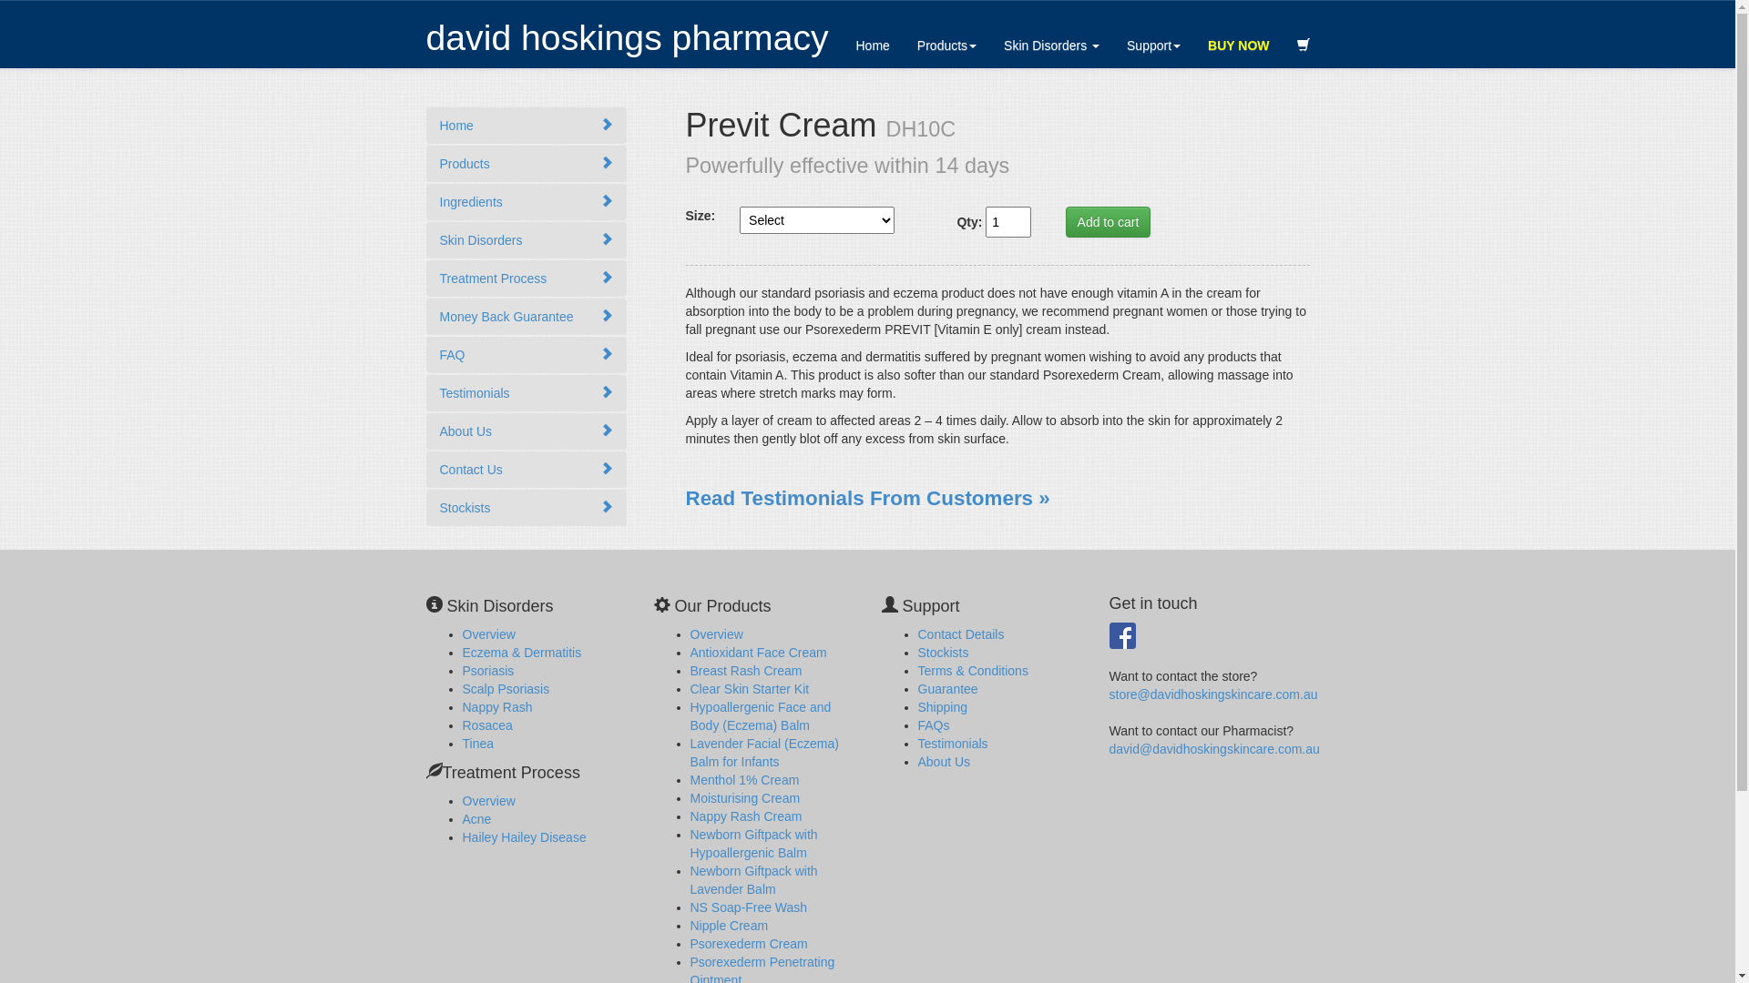 The width and height of the screenshot is (1749, 983). Describe the element at coordinates (497, 705) in the screenshot. I see `'Nappy Rash'` at that location.